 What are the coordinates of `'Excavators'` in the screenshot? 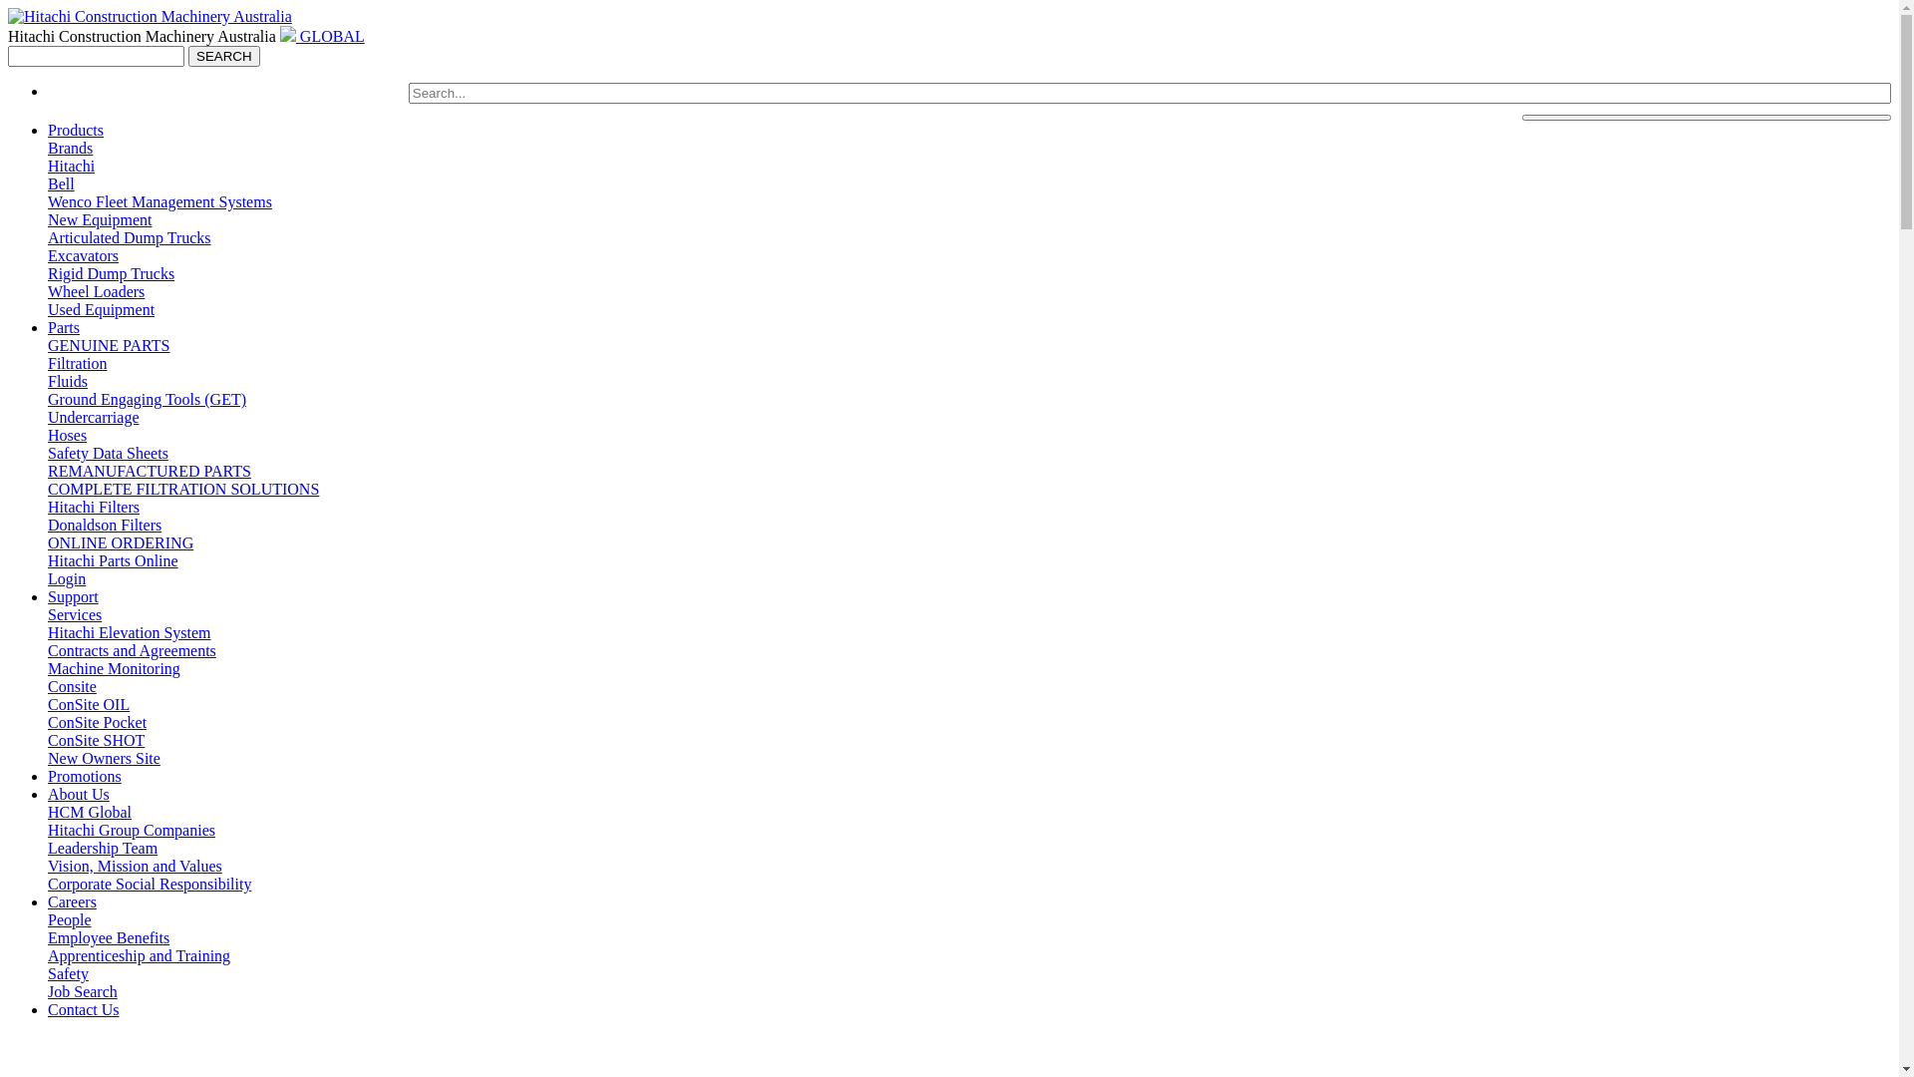 It's located at (48, 254).